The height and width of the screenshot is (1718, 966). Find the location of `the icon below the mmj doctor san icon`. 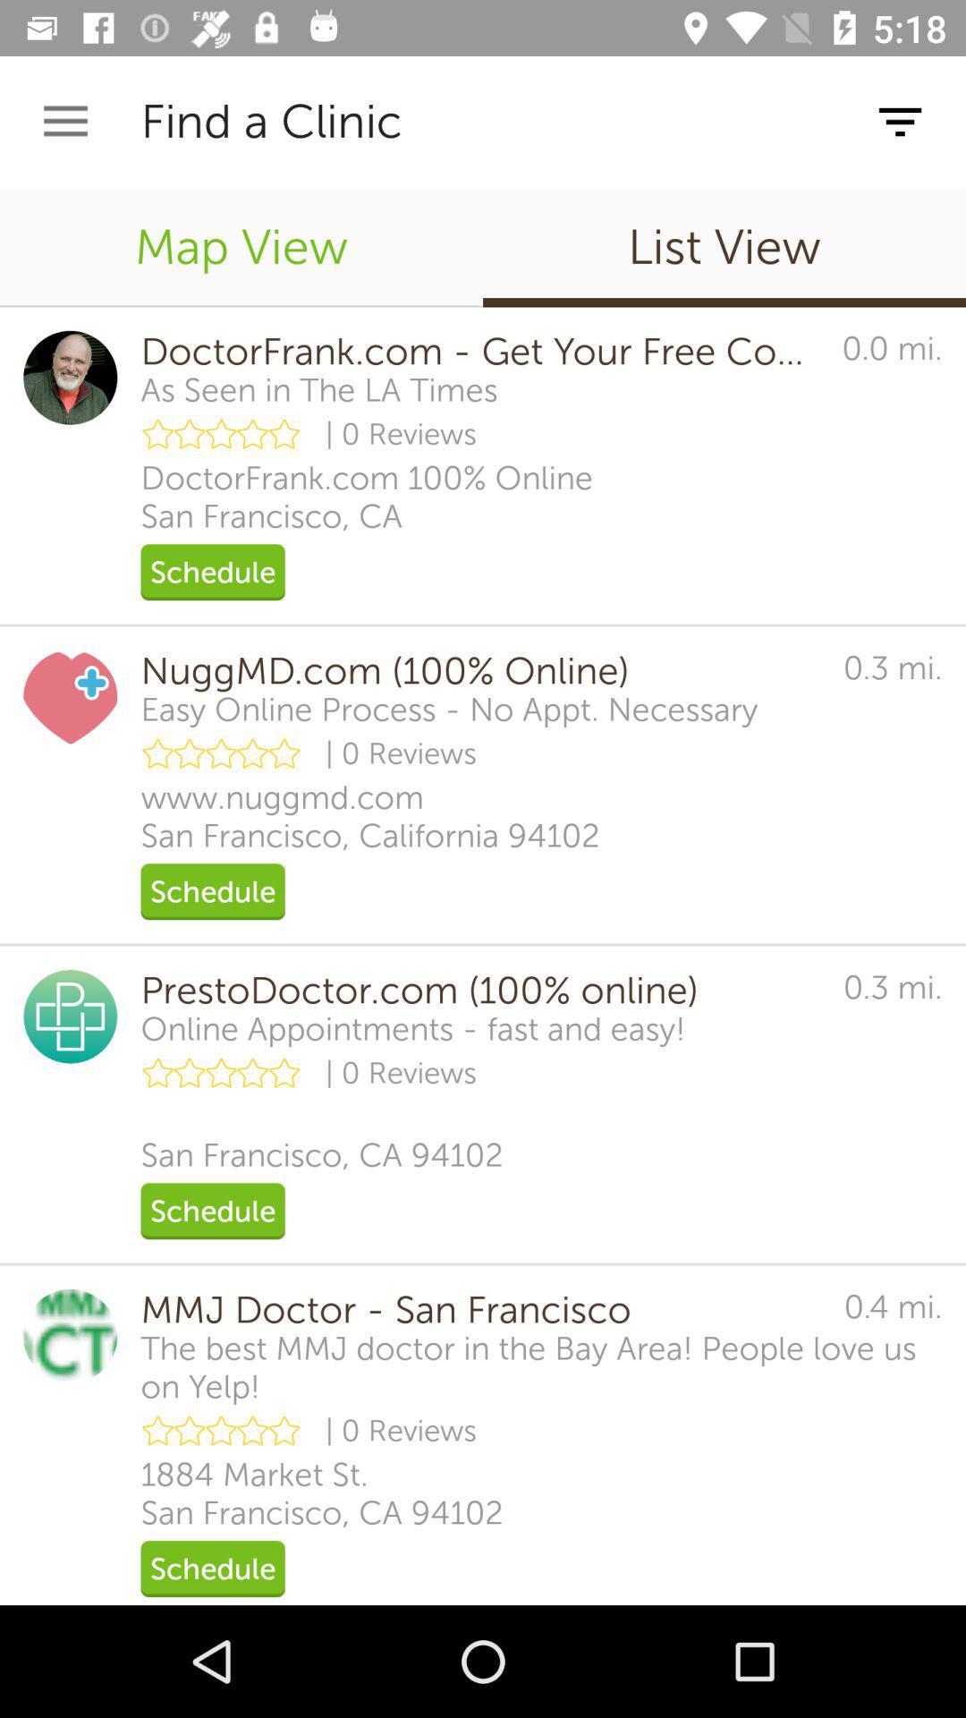

the icon below the mmj doctor san icon is located at coordinates (540, 1366).